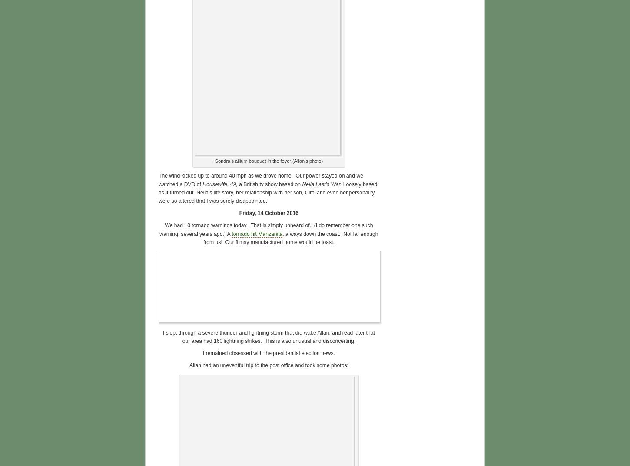 The image size is (630, 466). Describe the element at coordinates (159, 229) in the screenshot. I see `'We had 10 tornado warnings today.  That is simply unheard of.  (I do remember one such warning, several years ago.) A'` at that location.